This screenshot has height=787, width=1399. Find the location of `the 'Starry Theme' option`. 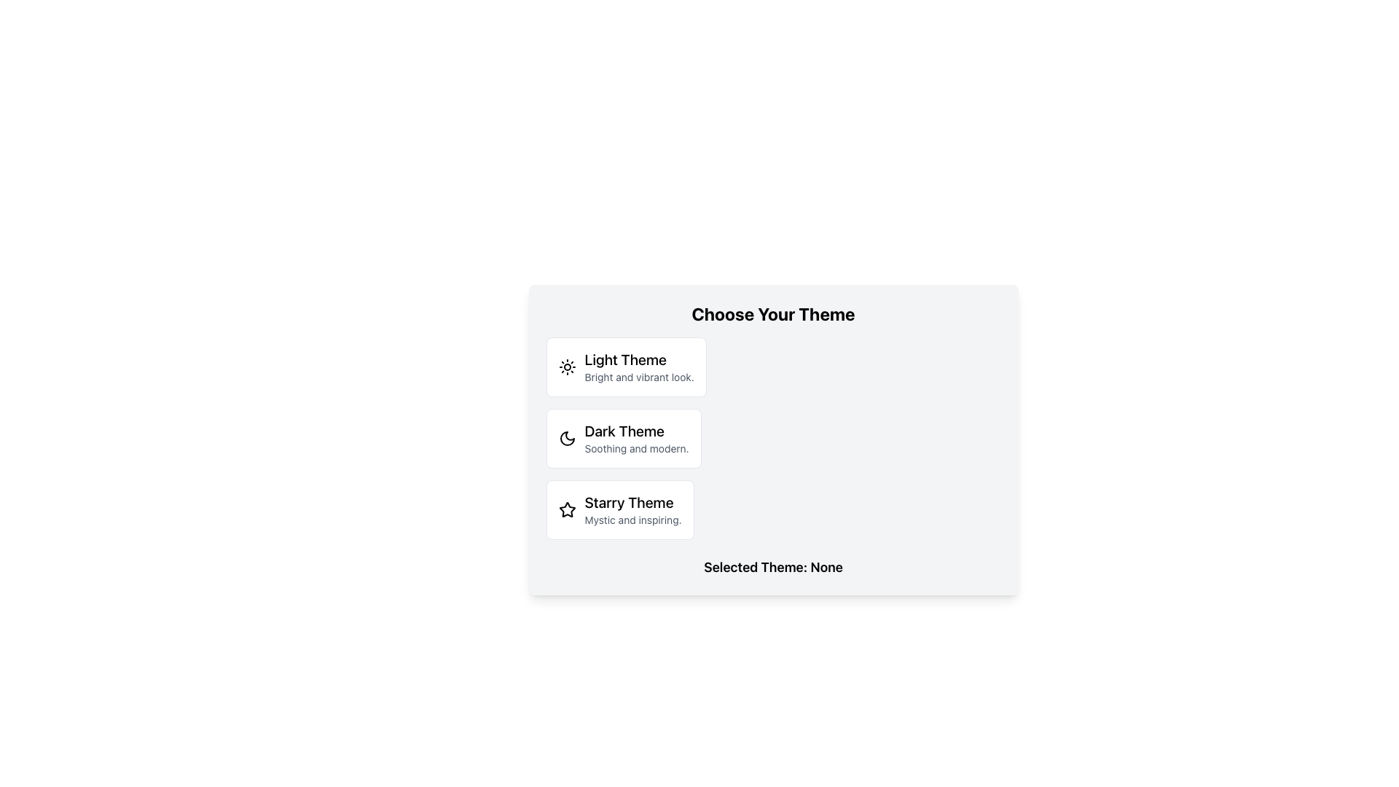

the 'Starry Theme' option is located at coordinates (566, 509).